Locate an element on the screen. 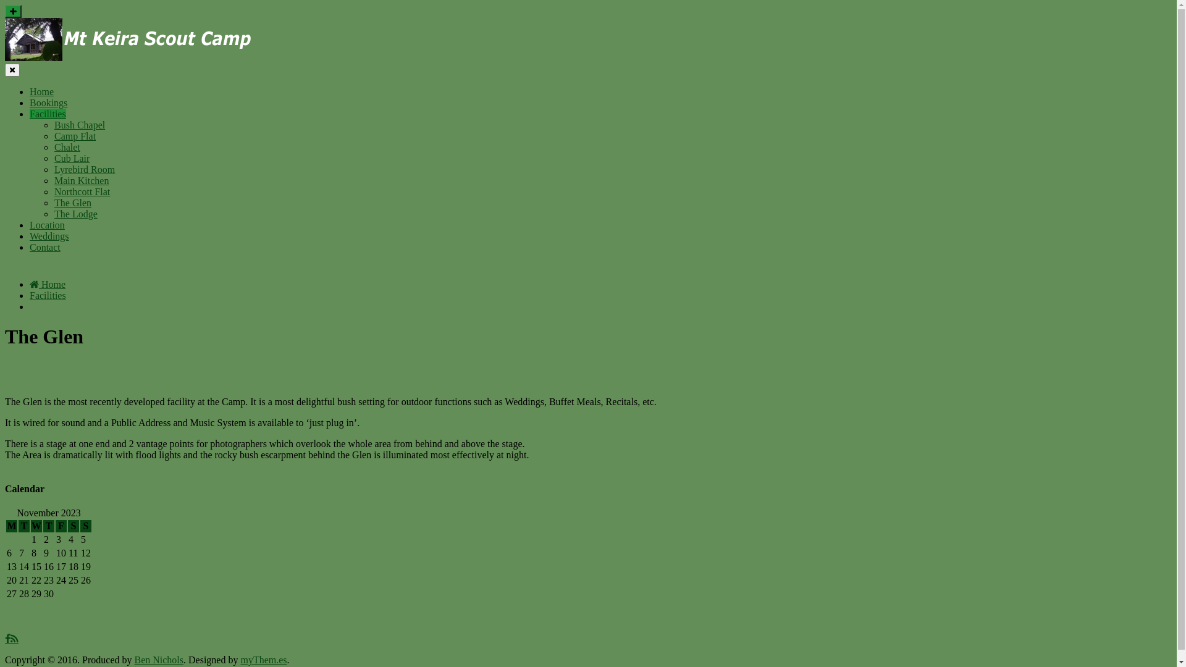 The image size is (1186, 667). 'Ben Nichols' is located at coordinates (133, 659).